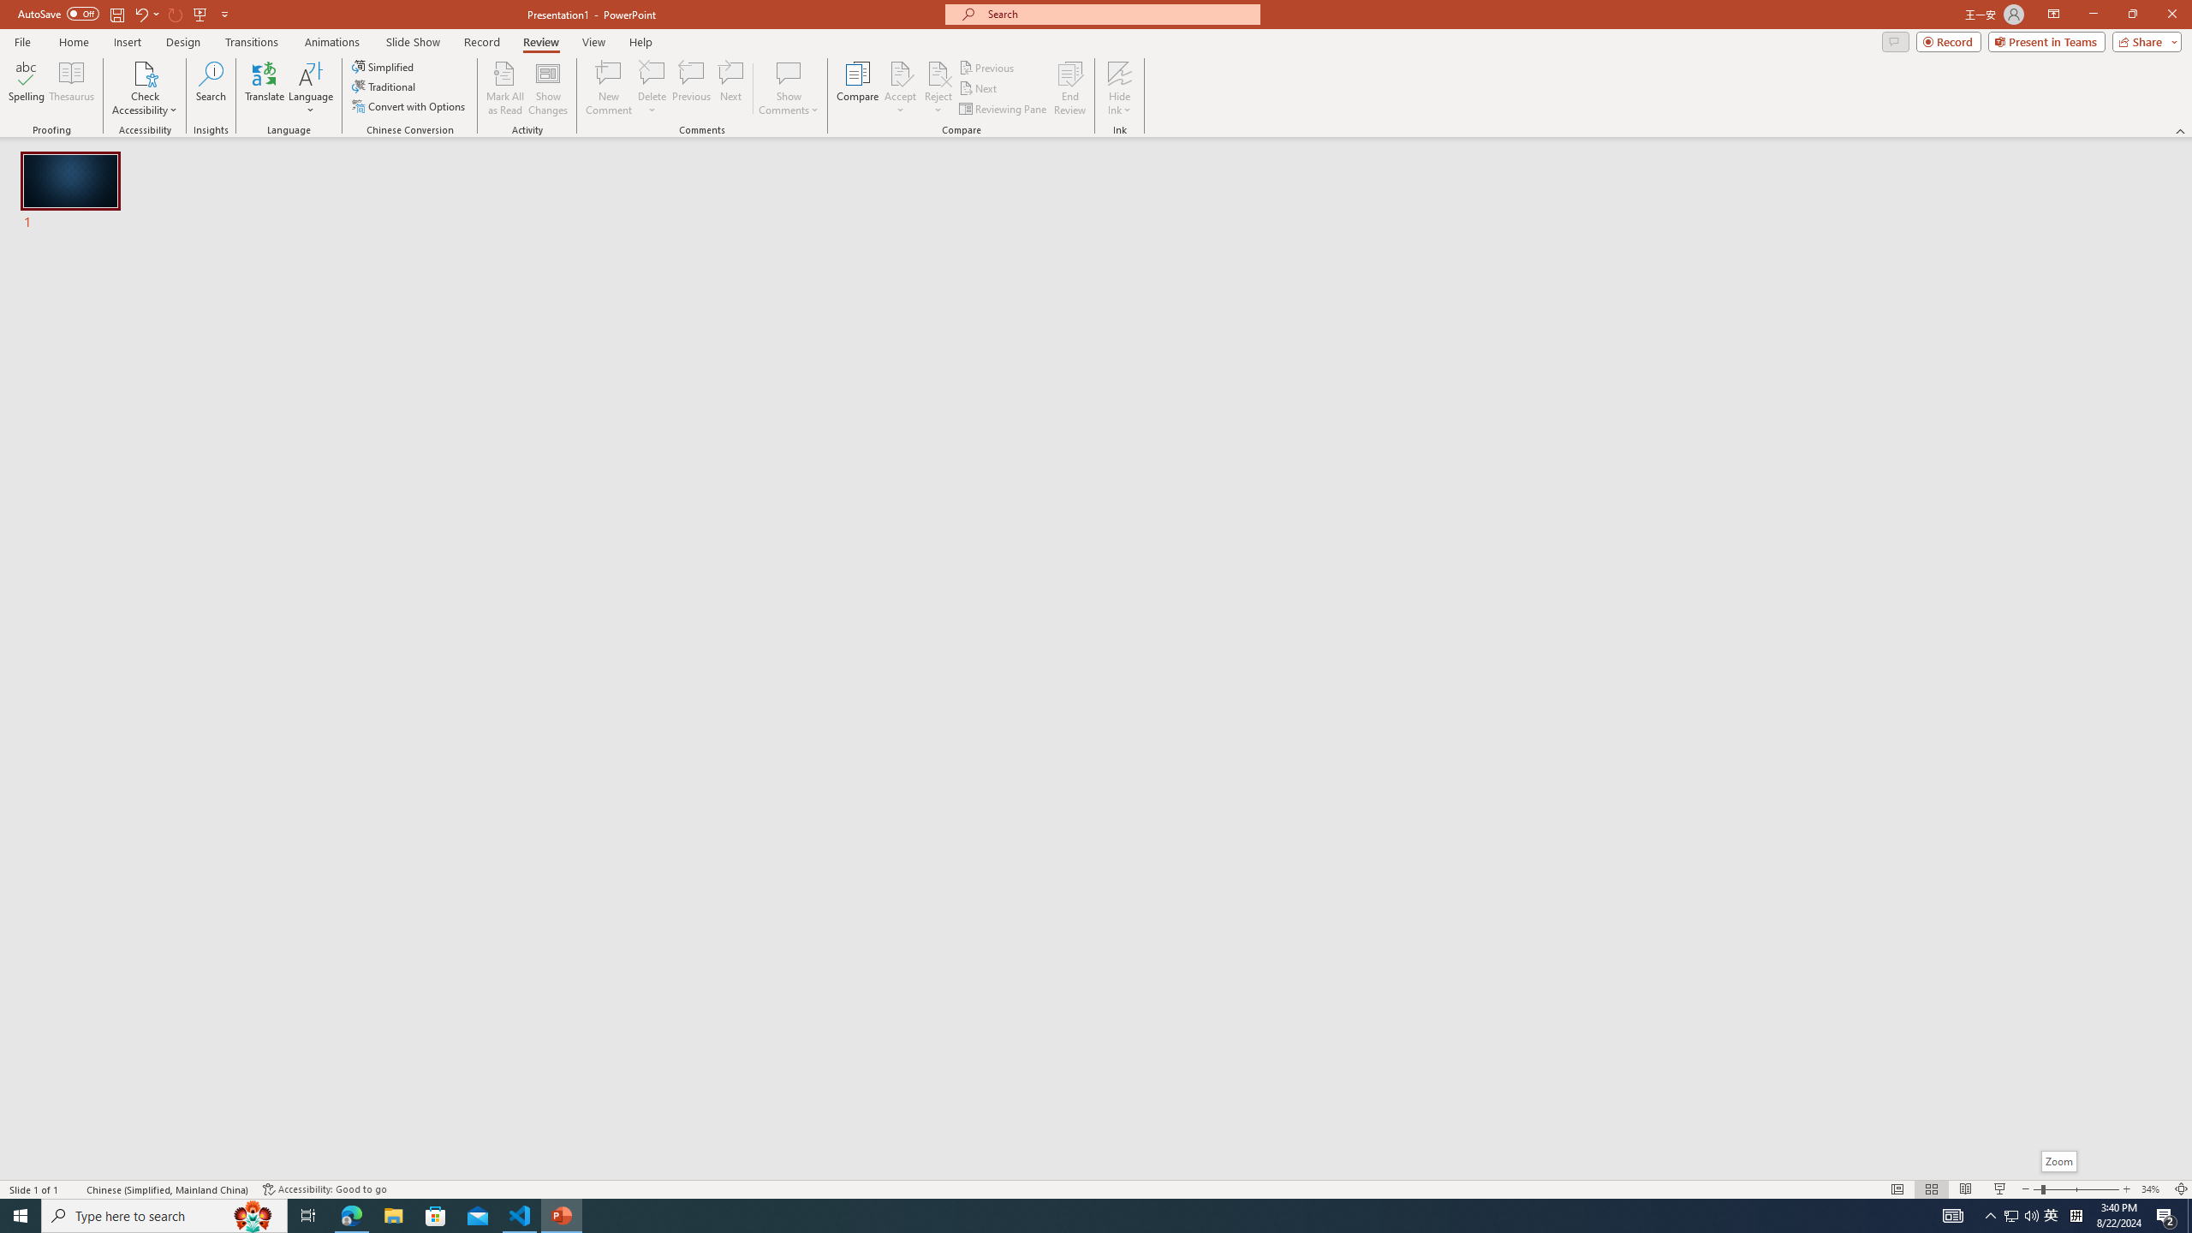 Image resolution: width=2192 pixels, height=1233 pixels. Describe the element at coordinates (505, 88) in the screenshot. I see `'Mark All as Read'` at that location.